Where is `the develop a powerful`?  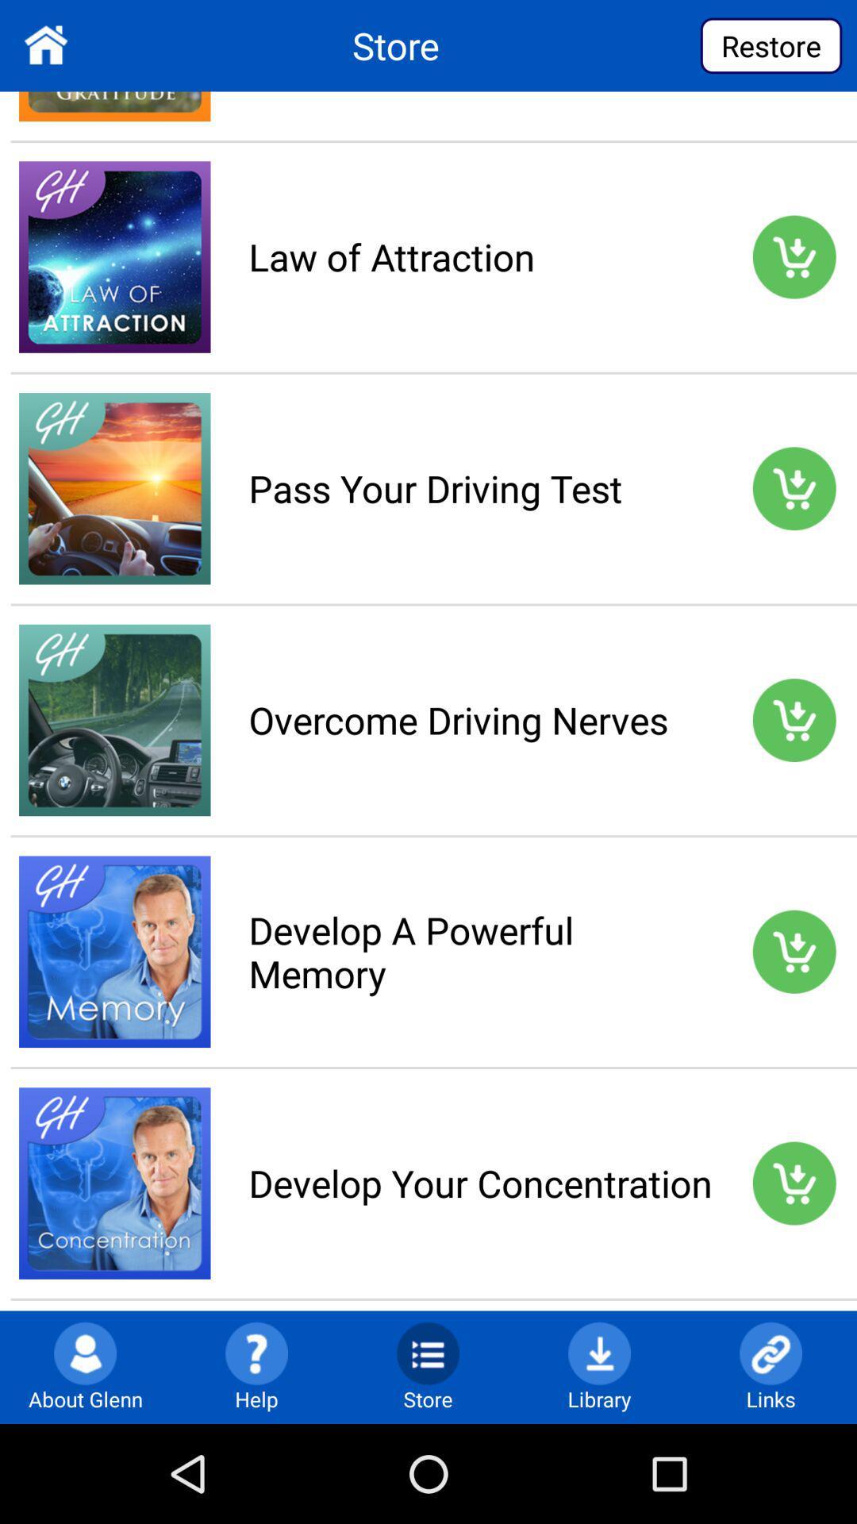
the develop a powerful is located at coordinates (479, 952).